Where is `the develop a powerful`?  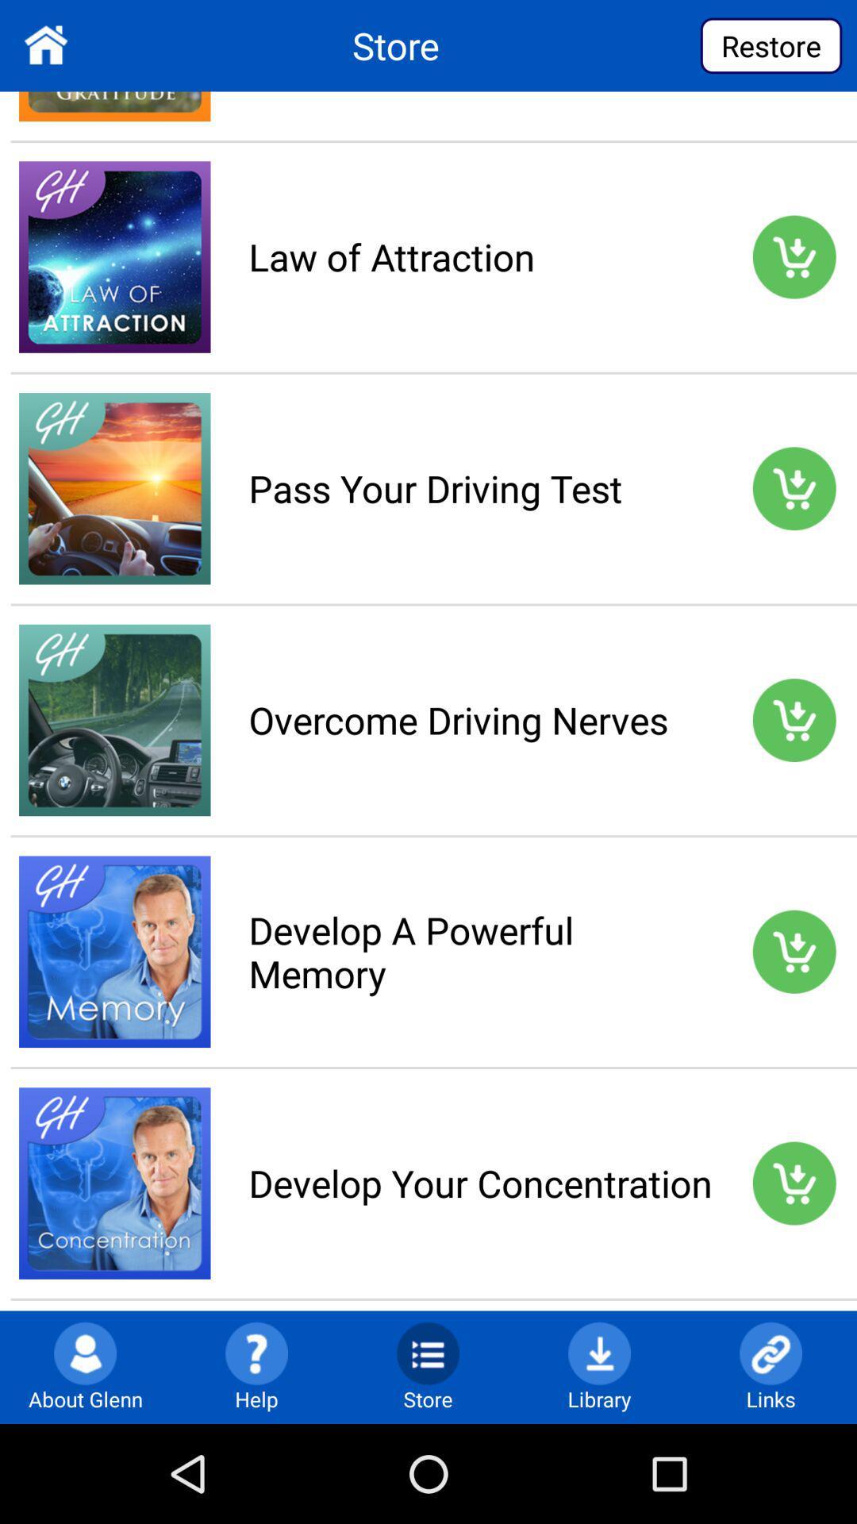
the develop a powerful is located at coordinates (479, 952).